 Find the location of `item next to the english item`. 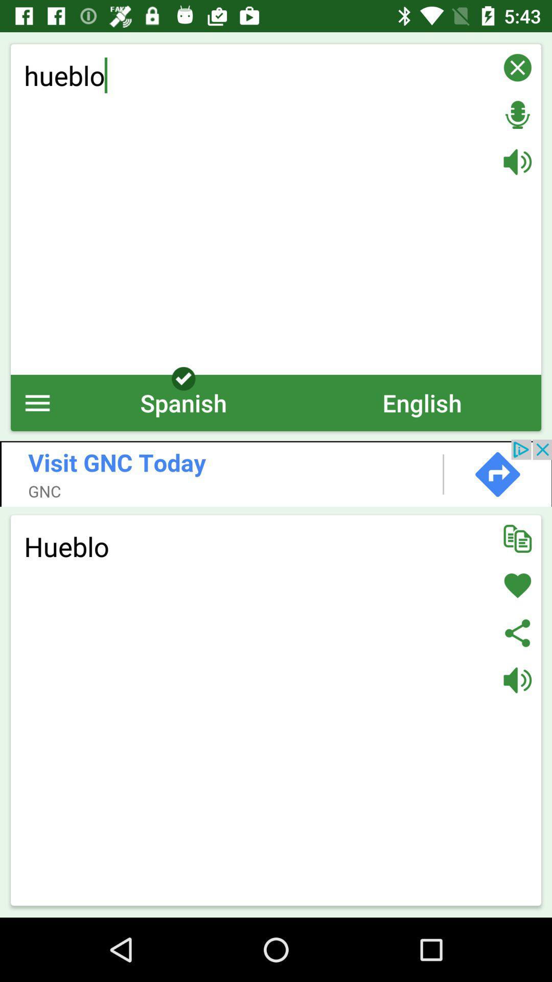

item next to the english item is located at coordinates (183, 402).